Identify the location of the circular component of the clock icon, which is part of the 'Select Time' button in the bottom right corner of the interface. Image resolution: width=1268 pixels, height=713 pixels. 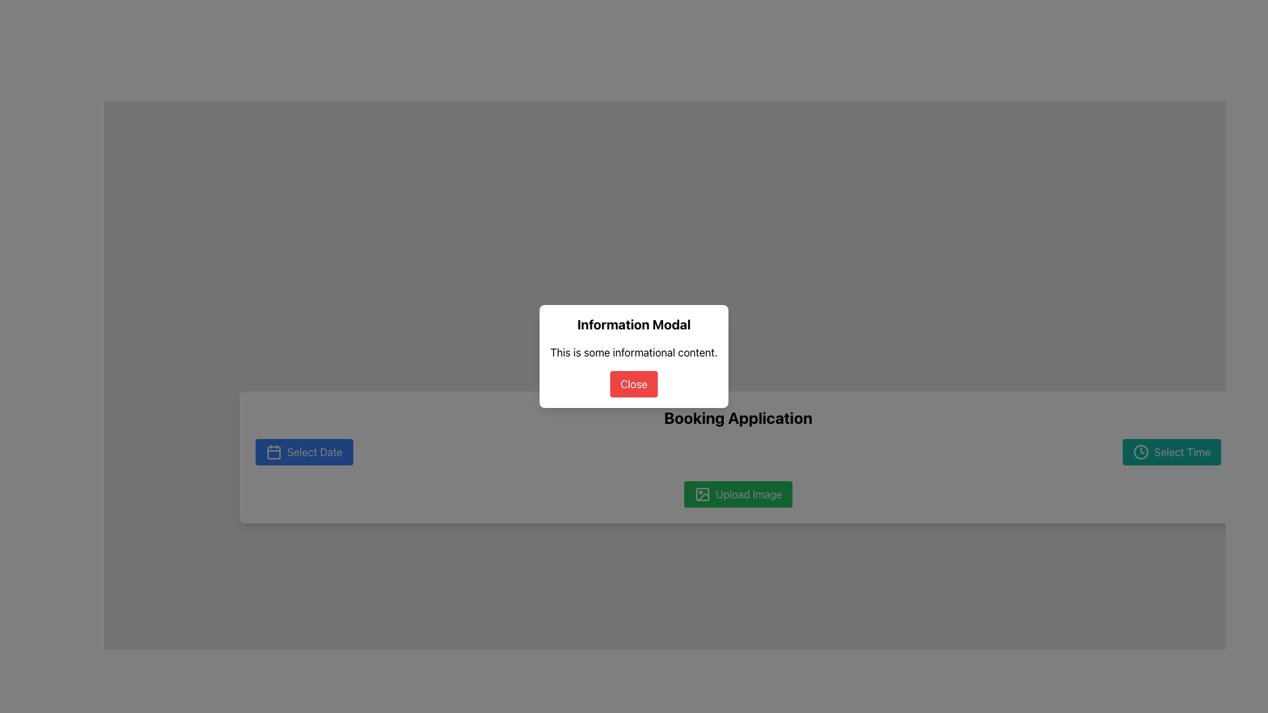
(1140, 452).